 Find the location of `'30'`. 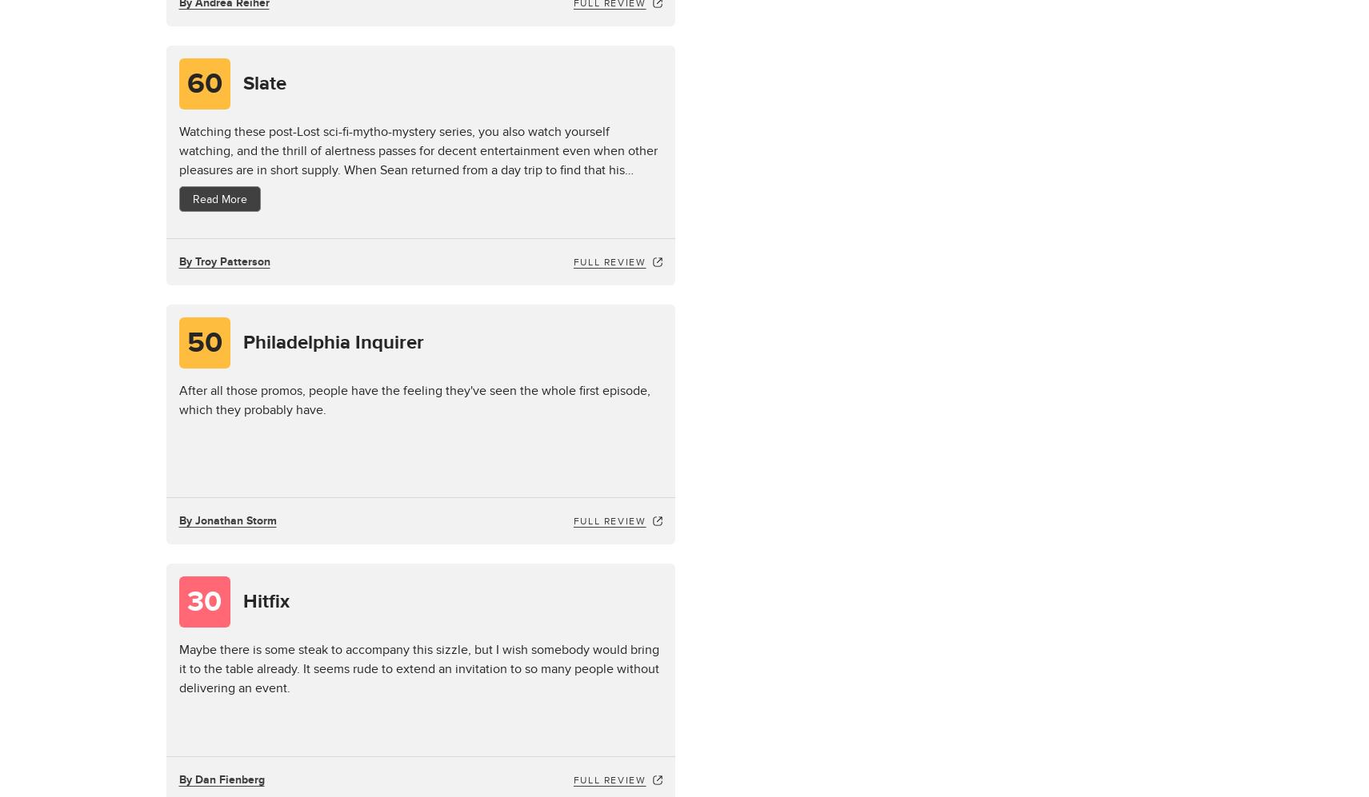

'30' is located at coordinates (203, 602).